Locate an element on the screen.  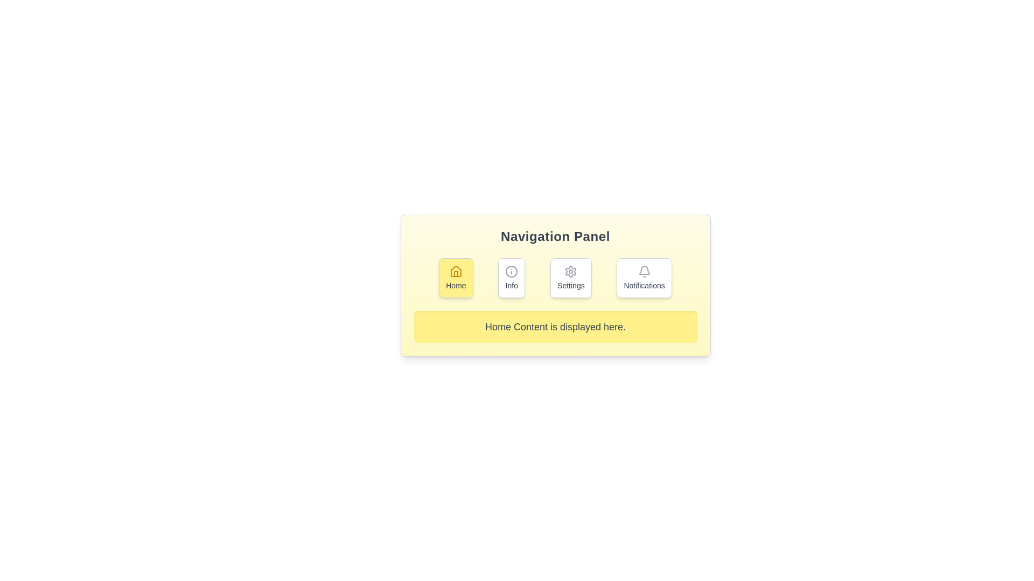
the 'Home' icon in the navigation panel, which represents the 'Home' functionality is located at coordinates (456, 271).